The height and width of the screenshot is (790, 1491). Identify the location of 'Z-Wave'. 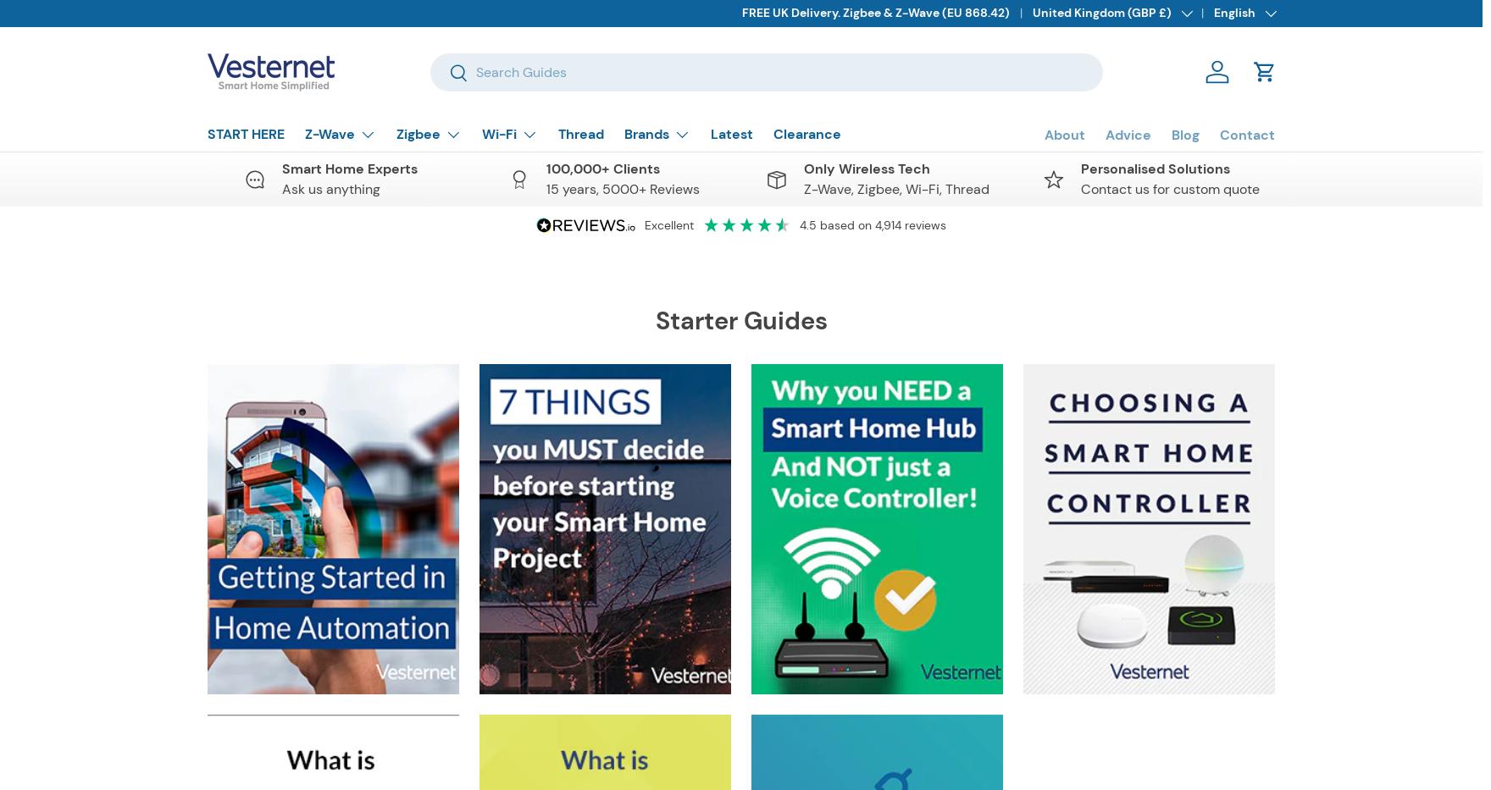
(329, 134).